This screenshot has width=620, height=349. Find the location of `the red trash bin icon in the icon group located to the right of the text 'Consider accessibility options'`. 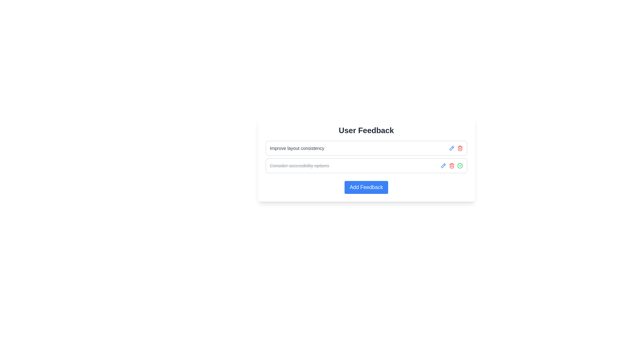

the red trash bin icon in the icon group located to the right of the text 'Consider accessibility options' is located at coordinates (451, 165).